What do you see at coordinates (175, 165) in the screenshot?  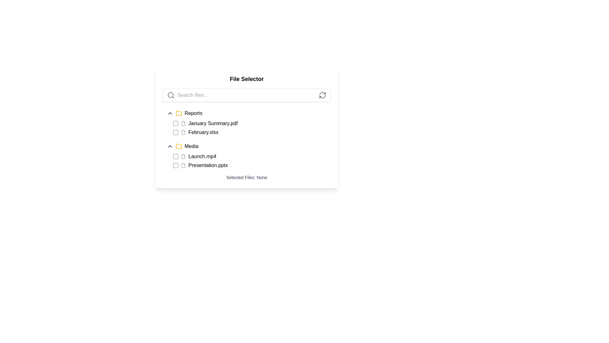 I see `the checkbox with a blue outline next to the file name 'Presentation.pptx'` at bounding box center [175, 165].